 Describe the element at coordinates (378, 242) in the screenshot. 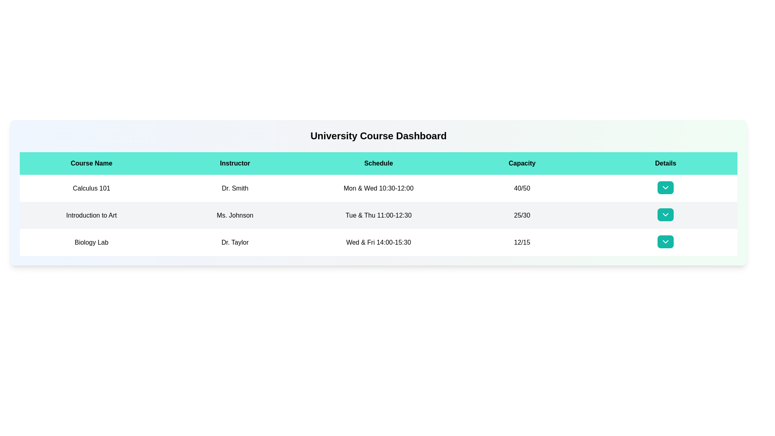

I see `the text element displaying the schedule 'Wed & Fri 14:00-15:30' located in the 'Schedule' column of the table for the Biology Lab Dr. Taylor` at that location.